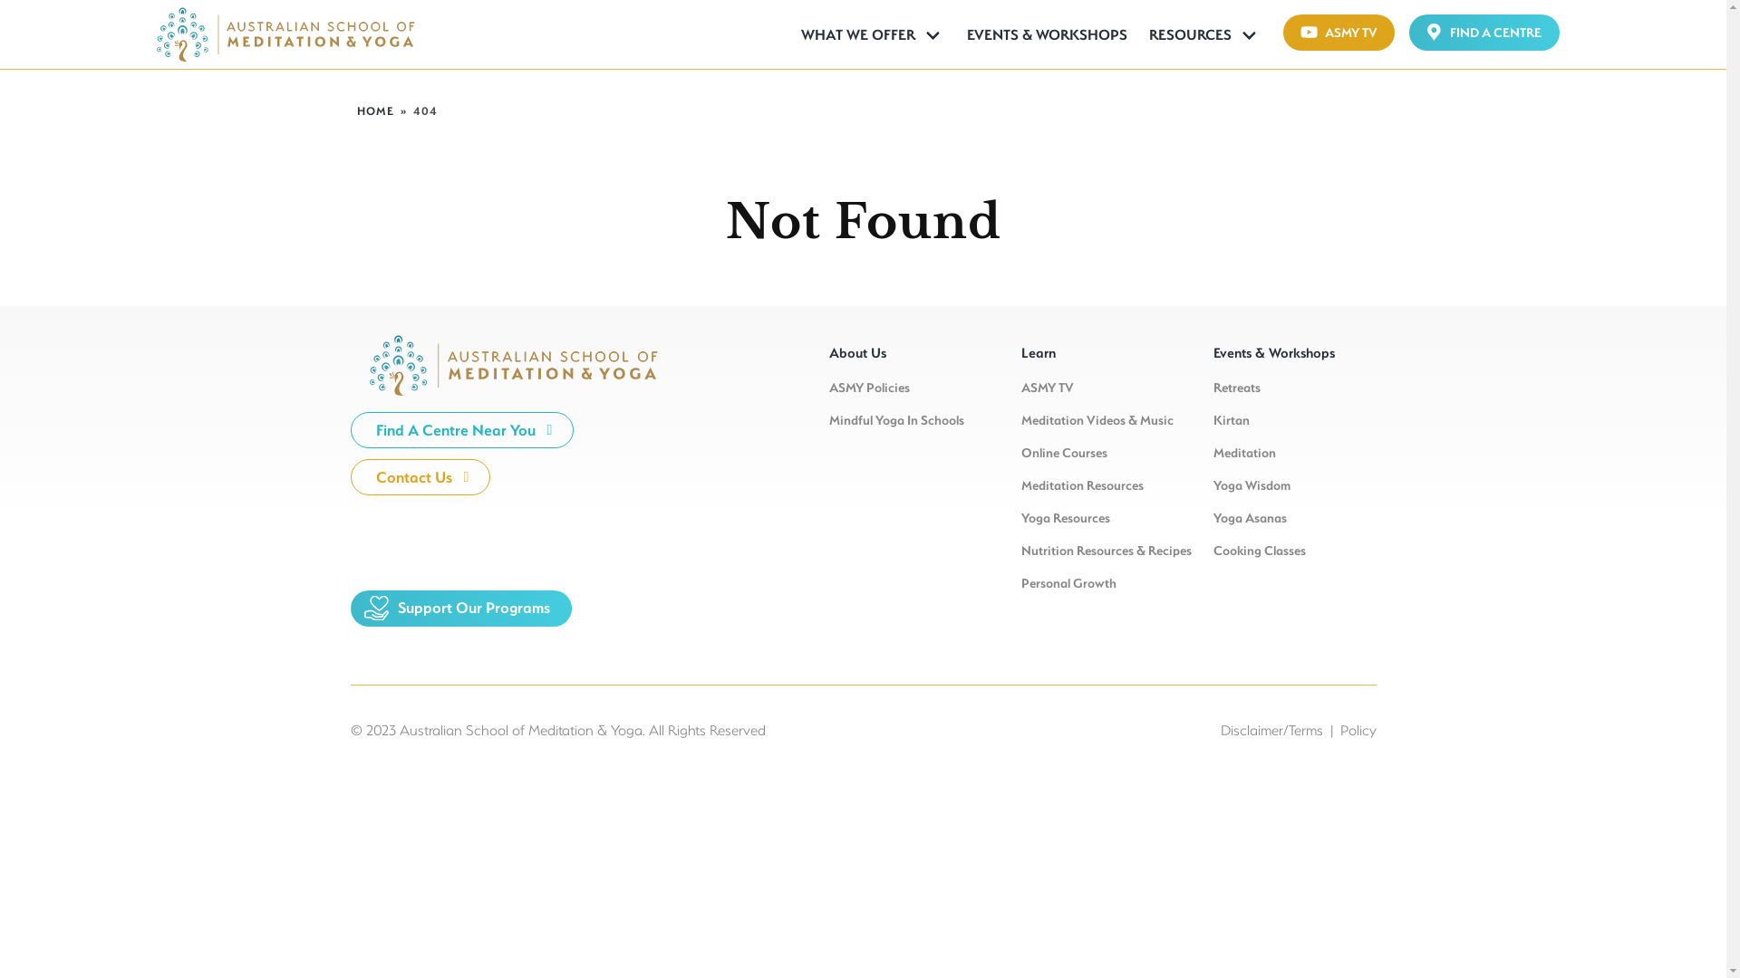  What do you see at coordinates (299, 34) in the screenshot?
I see `'AUSTRALIAN SCHOOL OF MEDITATION &AMP; YOGA | ASMY'` at bounding box center [299, 34].